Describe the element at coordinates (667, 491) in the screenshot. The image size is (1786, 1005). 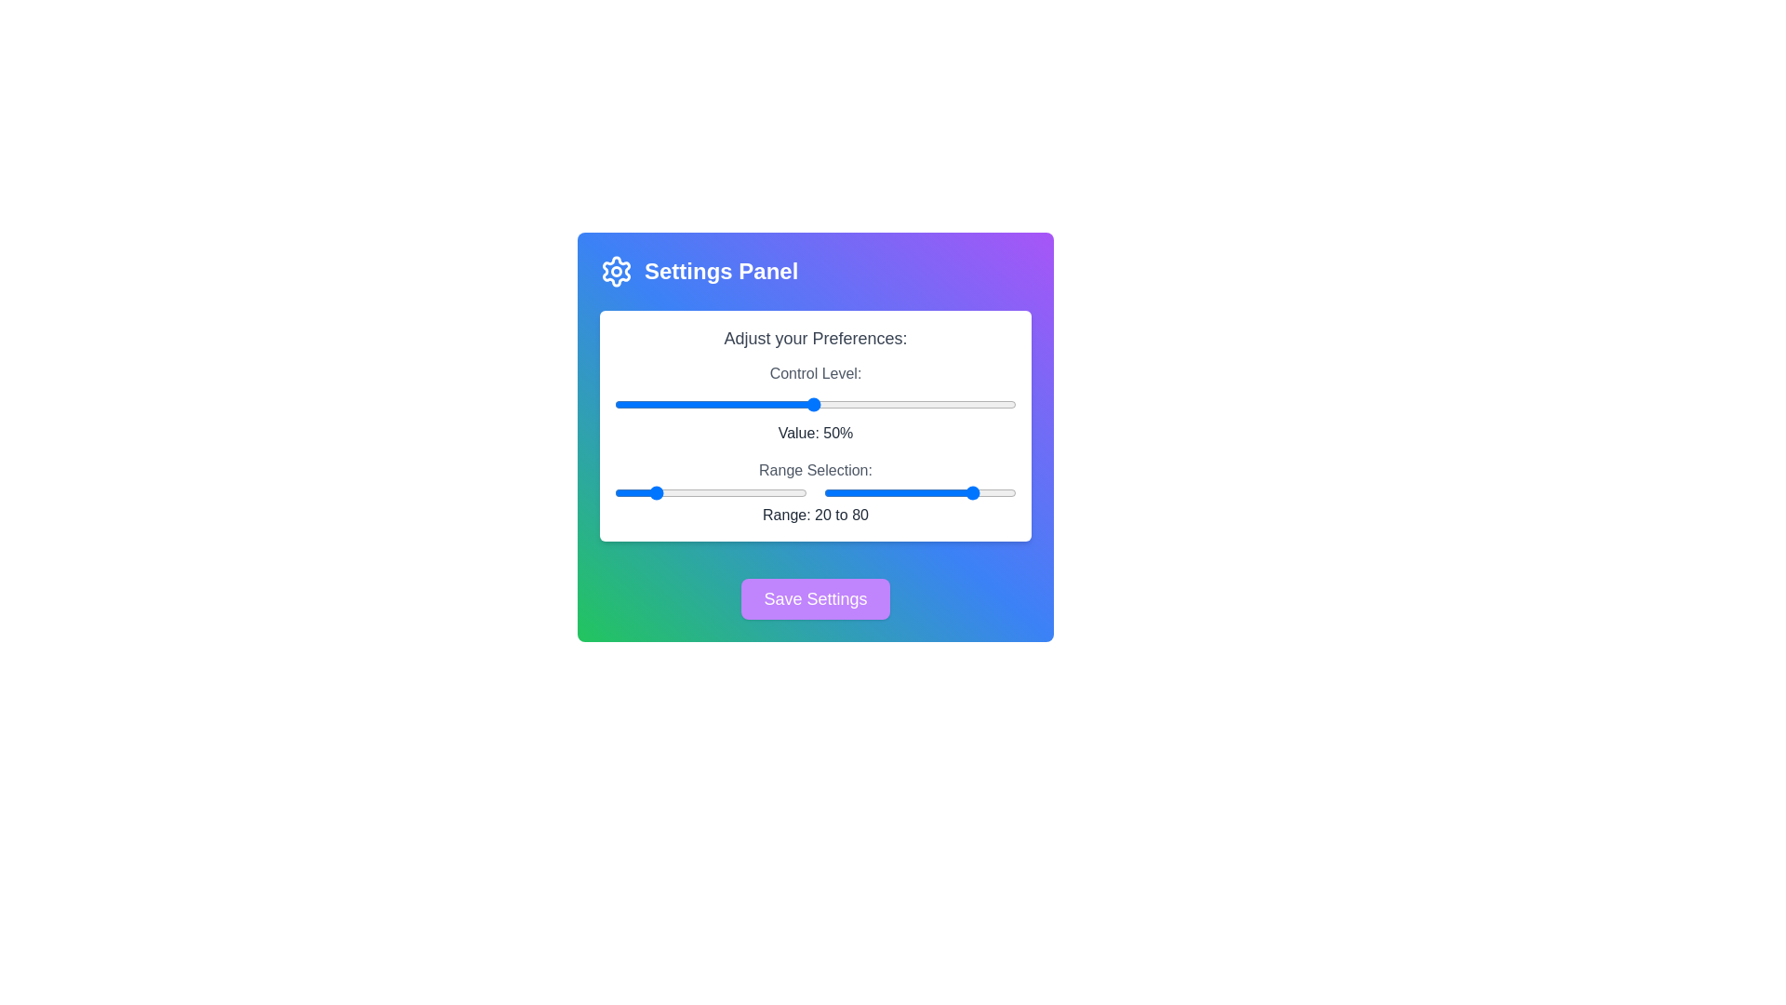
I see `the slider` at that location.